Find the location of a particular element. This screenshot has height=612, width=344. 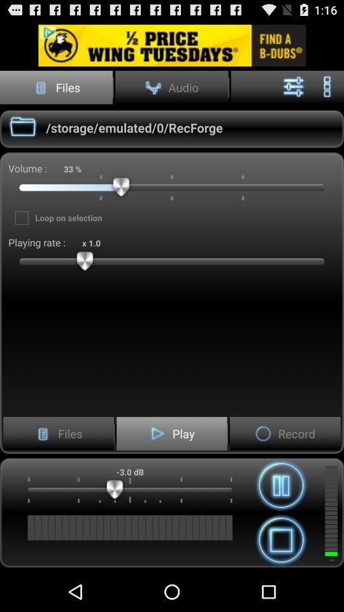

the pause icon is located at coordinates (281, 519).